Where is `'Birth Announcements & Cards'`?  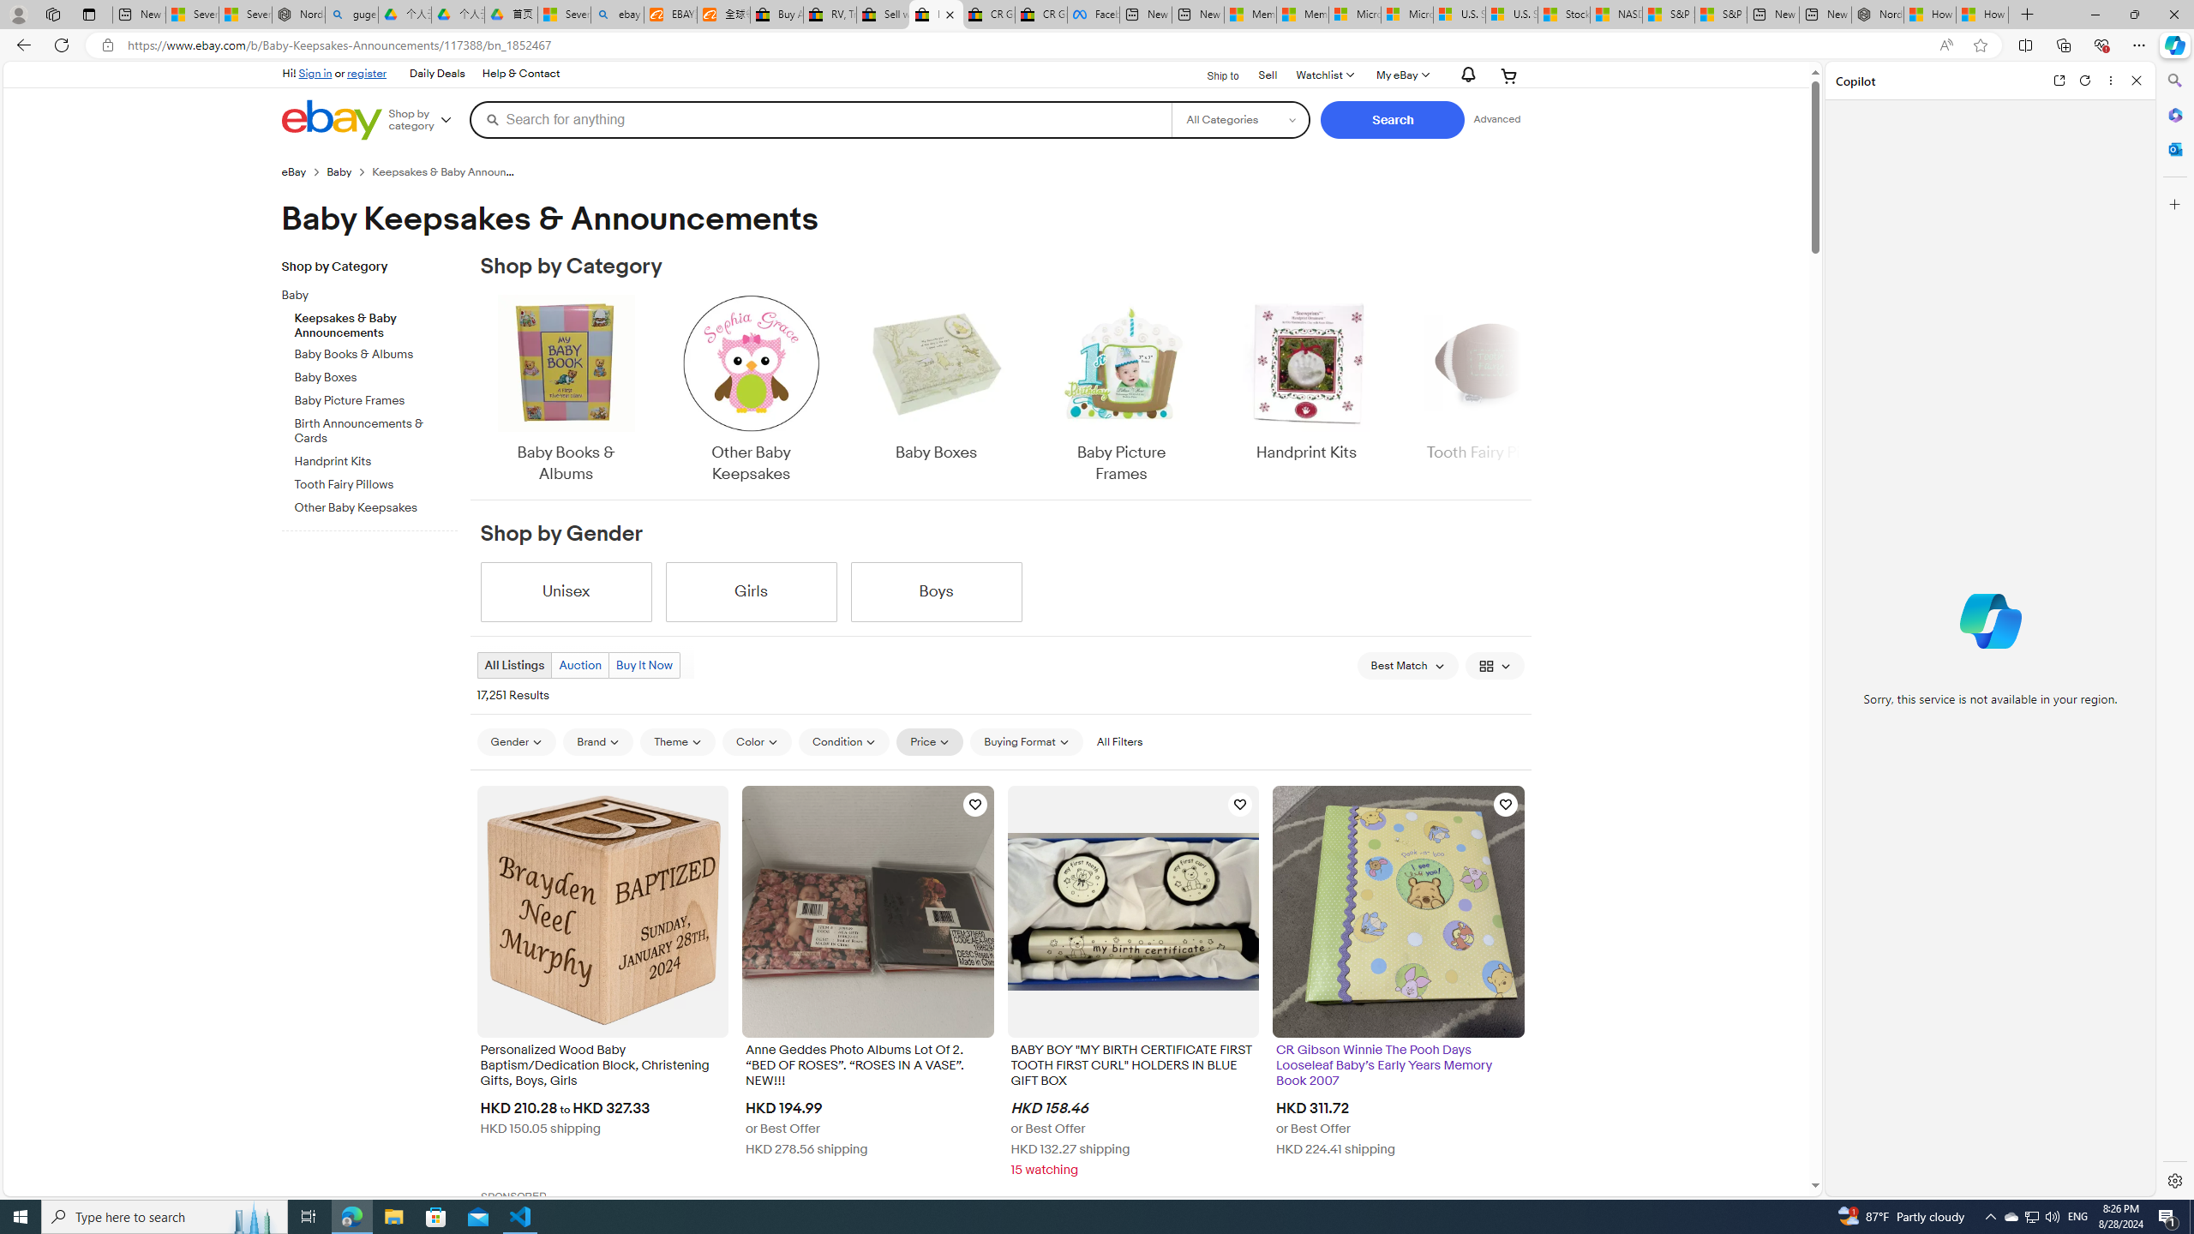 'Birth Announcements & Cards' is located at coordinates (376, 430).